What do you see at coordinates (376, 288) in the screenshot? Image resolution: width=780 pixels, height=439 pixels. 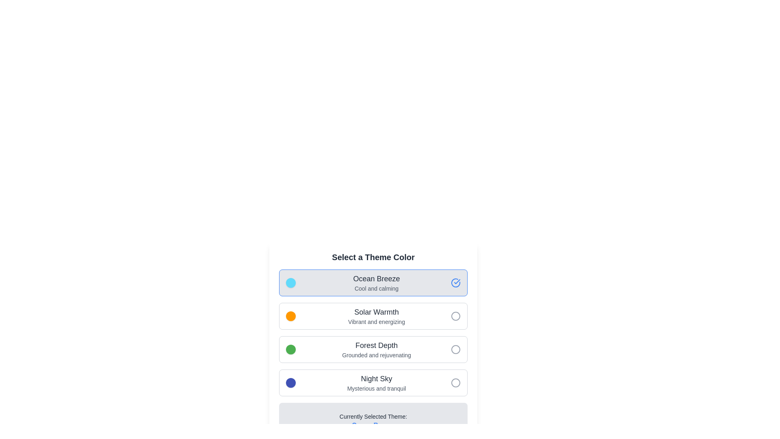 I see `the text label that reads 'Cool and calming', which is displayed in a smaller, lighter font underneath the bold title 'Ocean Breeze' and is part of the blue-highlighted section labeled 'Ocean Breeze'` at bounding box center [376, 288].